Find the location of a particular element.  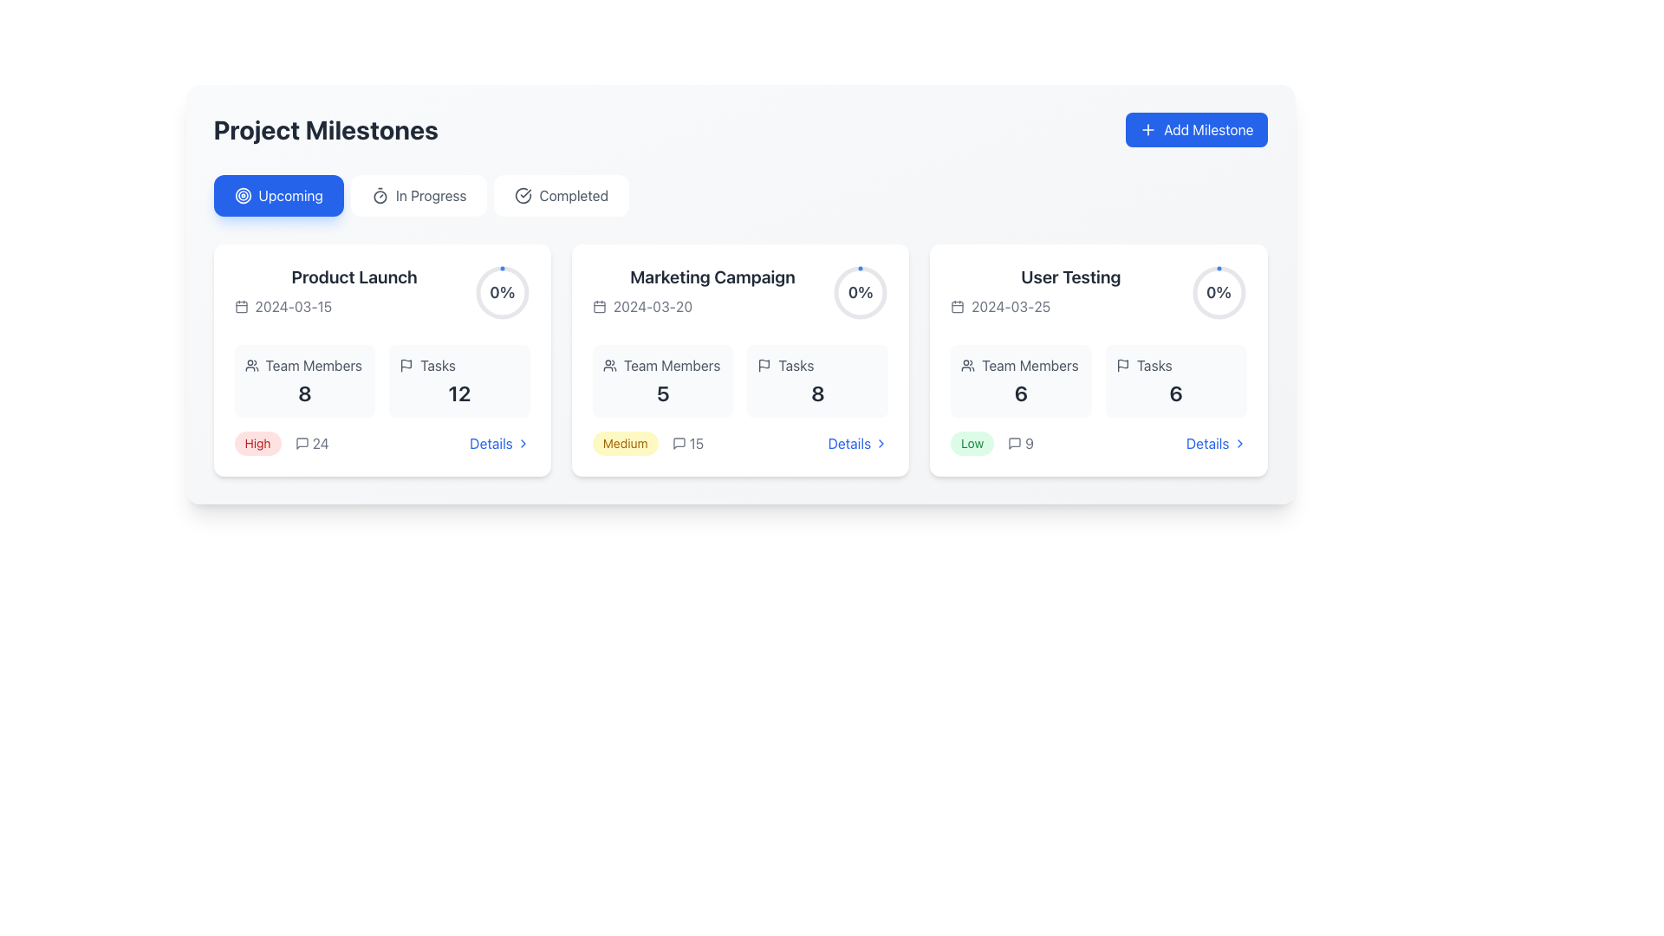

the decorative circular graphical shape with a light gray outline located in the top-right corner of the 'User Testing' milestone card is located at coordinates (1218, 292).